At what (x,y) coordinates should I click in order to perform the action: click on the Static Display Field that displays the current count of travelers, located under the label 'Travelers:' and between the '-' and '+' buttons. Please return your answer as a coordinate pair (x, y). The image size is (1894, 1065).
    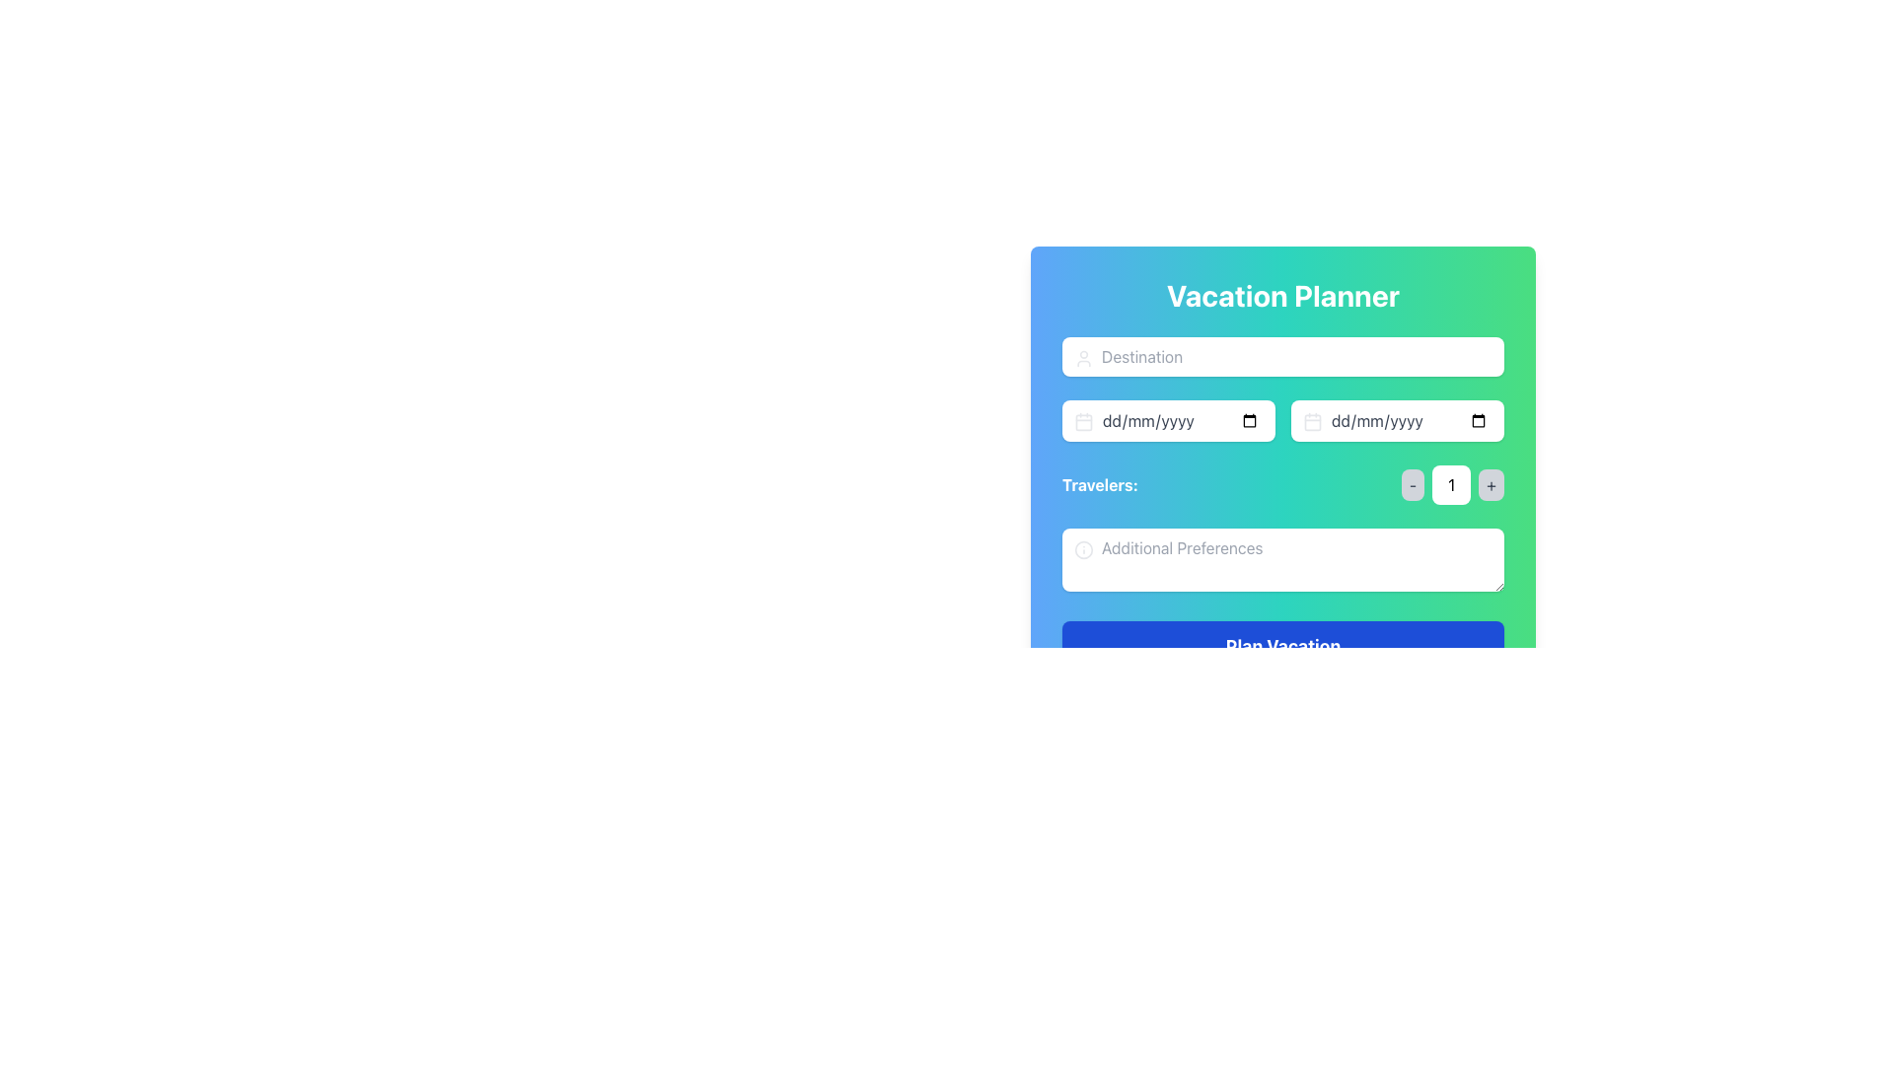
    Looking at the image, I should click on (1451, 485).